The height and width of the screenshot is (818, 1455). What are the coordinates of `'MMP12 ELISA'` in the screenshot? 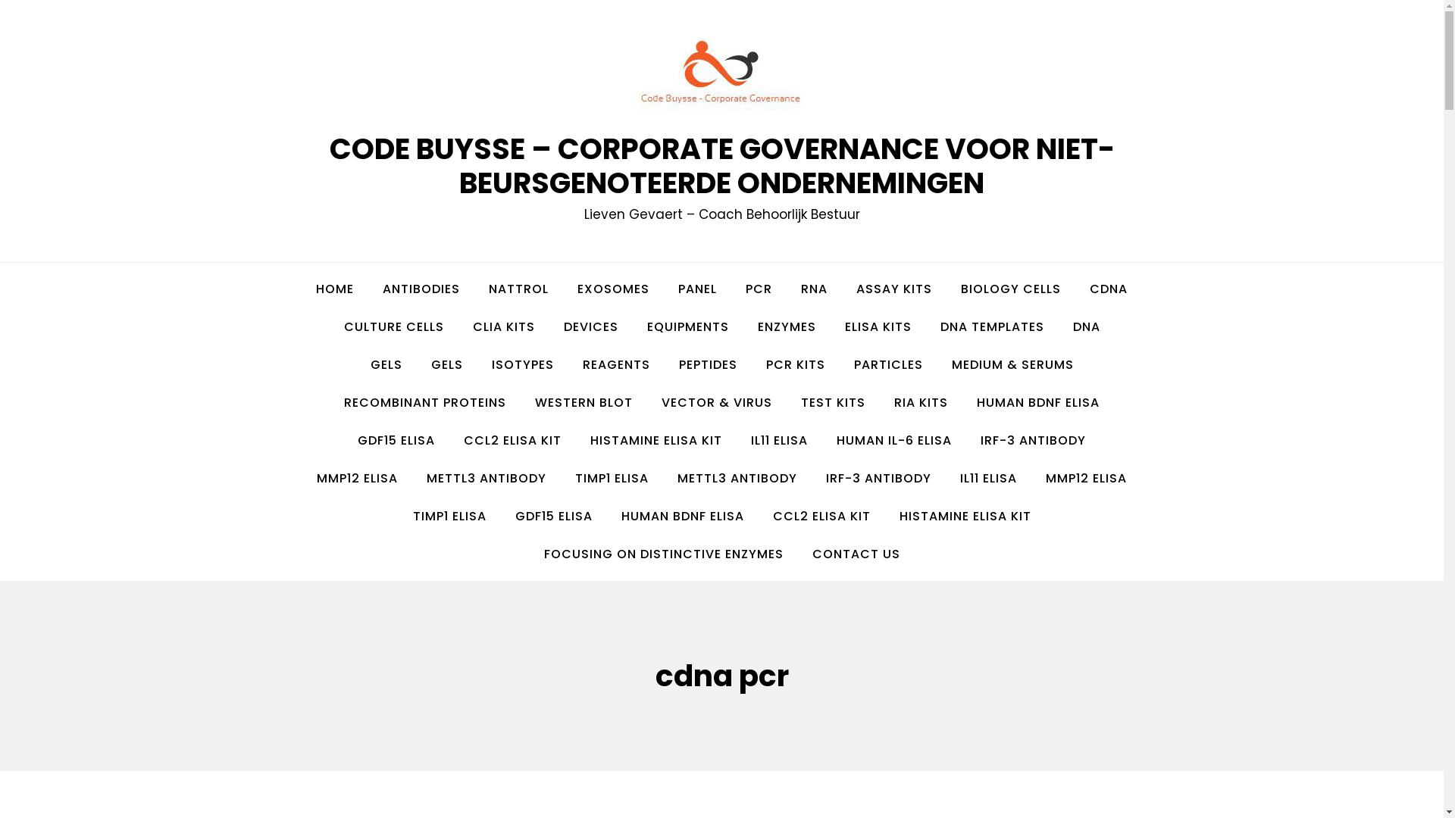 It's located at (356, 479).